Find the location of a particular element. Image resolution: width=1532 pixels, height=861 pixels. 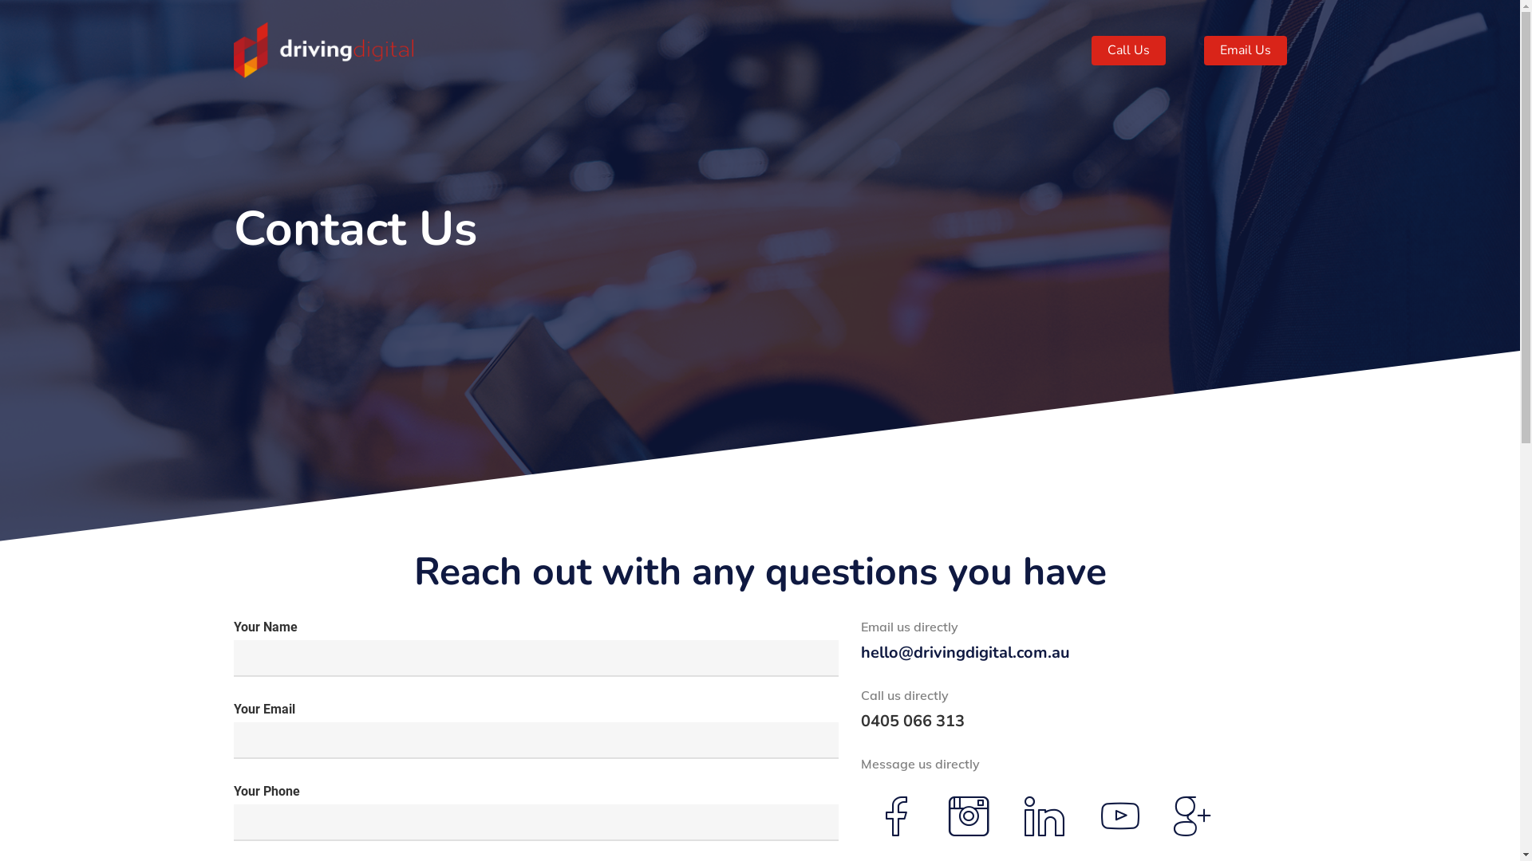

'Email Us' is located at coordinates (1244, 49).